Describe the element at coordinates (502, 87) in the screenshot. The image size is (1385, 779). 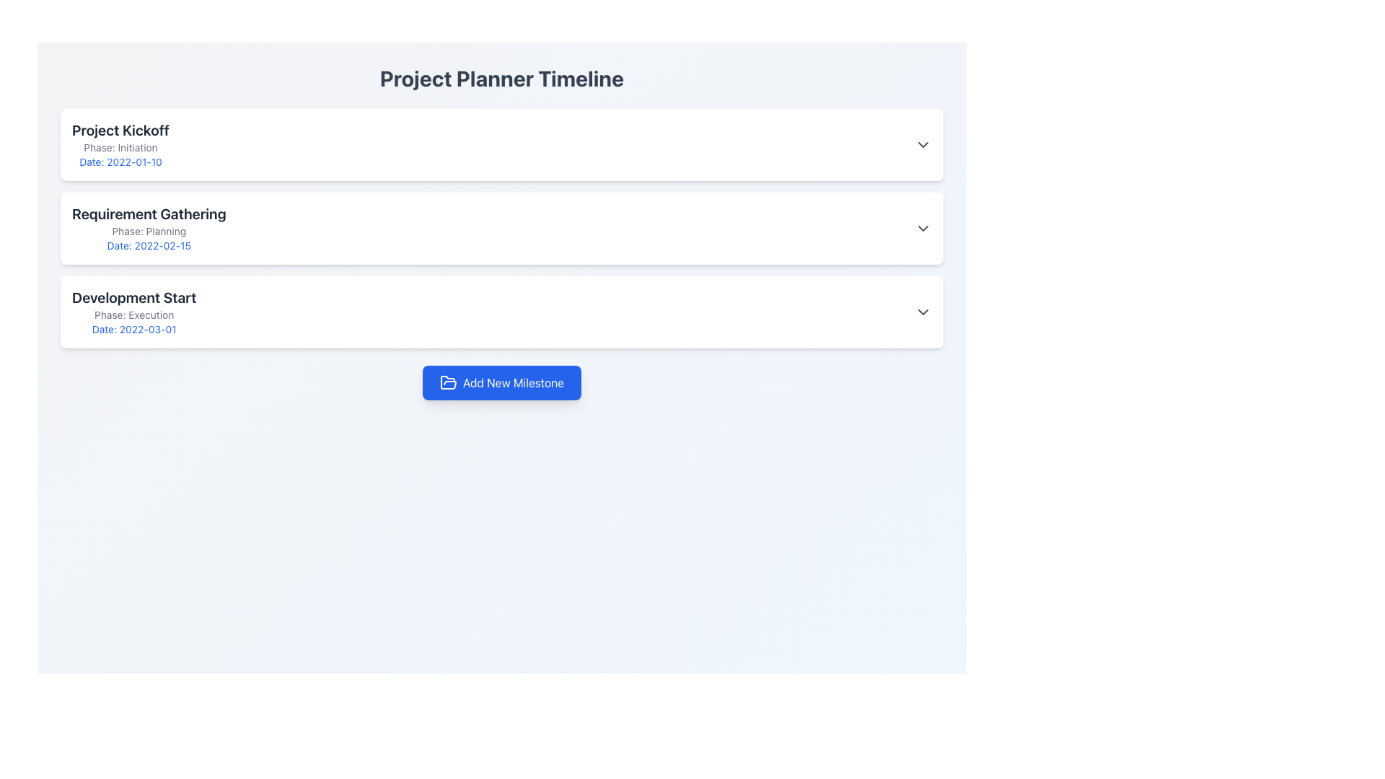
I see `the static text heading indicating 'Project Planner Timeline', which is centrally aligned at the topmost area of the visible layout` at that location.